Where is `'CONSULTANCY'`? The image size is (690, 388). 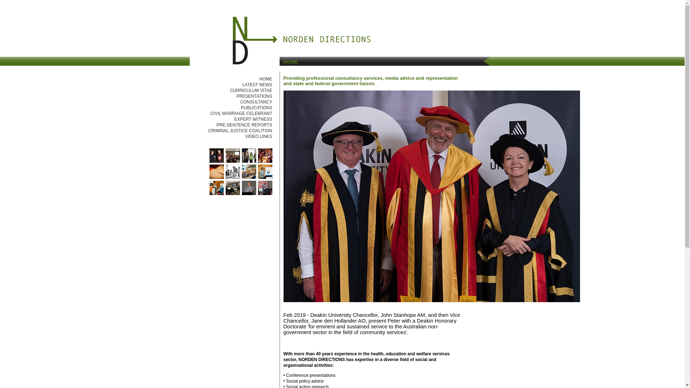
'CONSULTANCY' is located at coordinates (256, 102).